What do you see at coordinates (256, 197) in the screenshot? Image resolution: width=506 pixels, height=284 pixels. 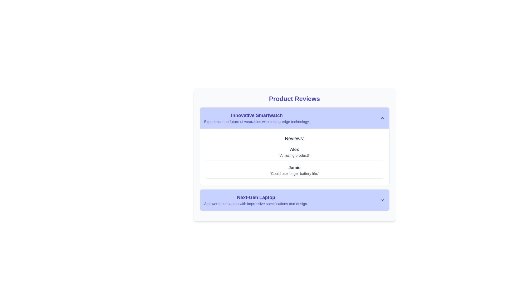 I see `the Text Label displaying 'Next-Gen Laptop', which is styled in bold, large indigo font and located on a light indigo background` at bounding box center [256, 197].